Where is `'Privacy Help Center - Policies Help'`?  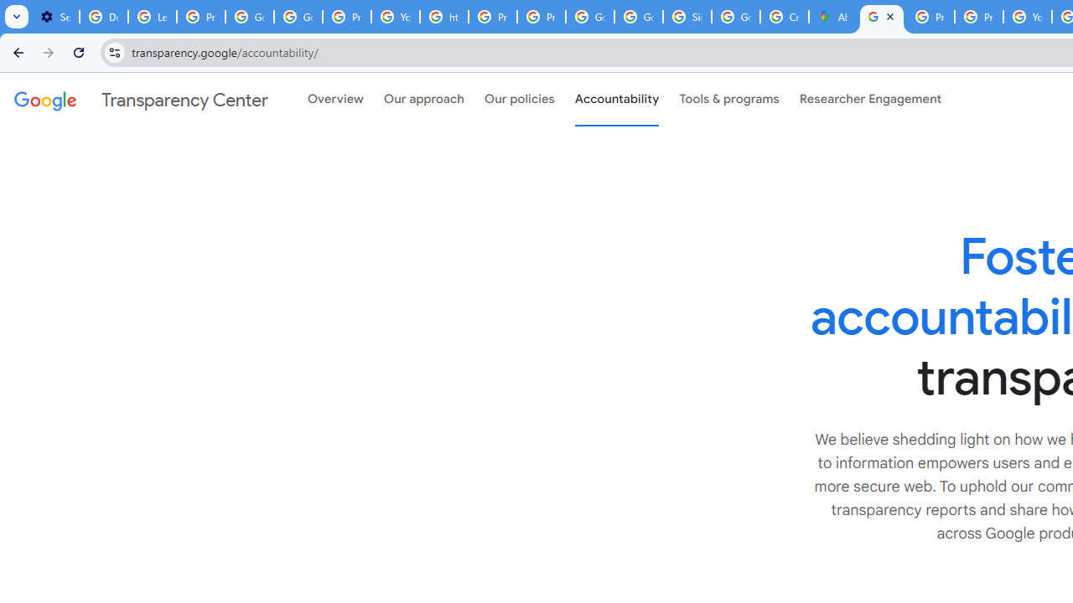
'Privacy Help Center - Policies Help' is located at coordinates (930, 17).